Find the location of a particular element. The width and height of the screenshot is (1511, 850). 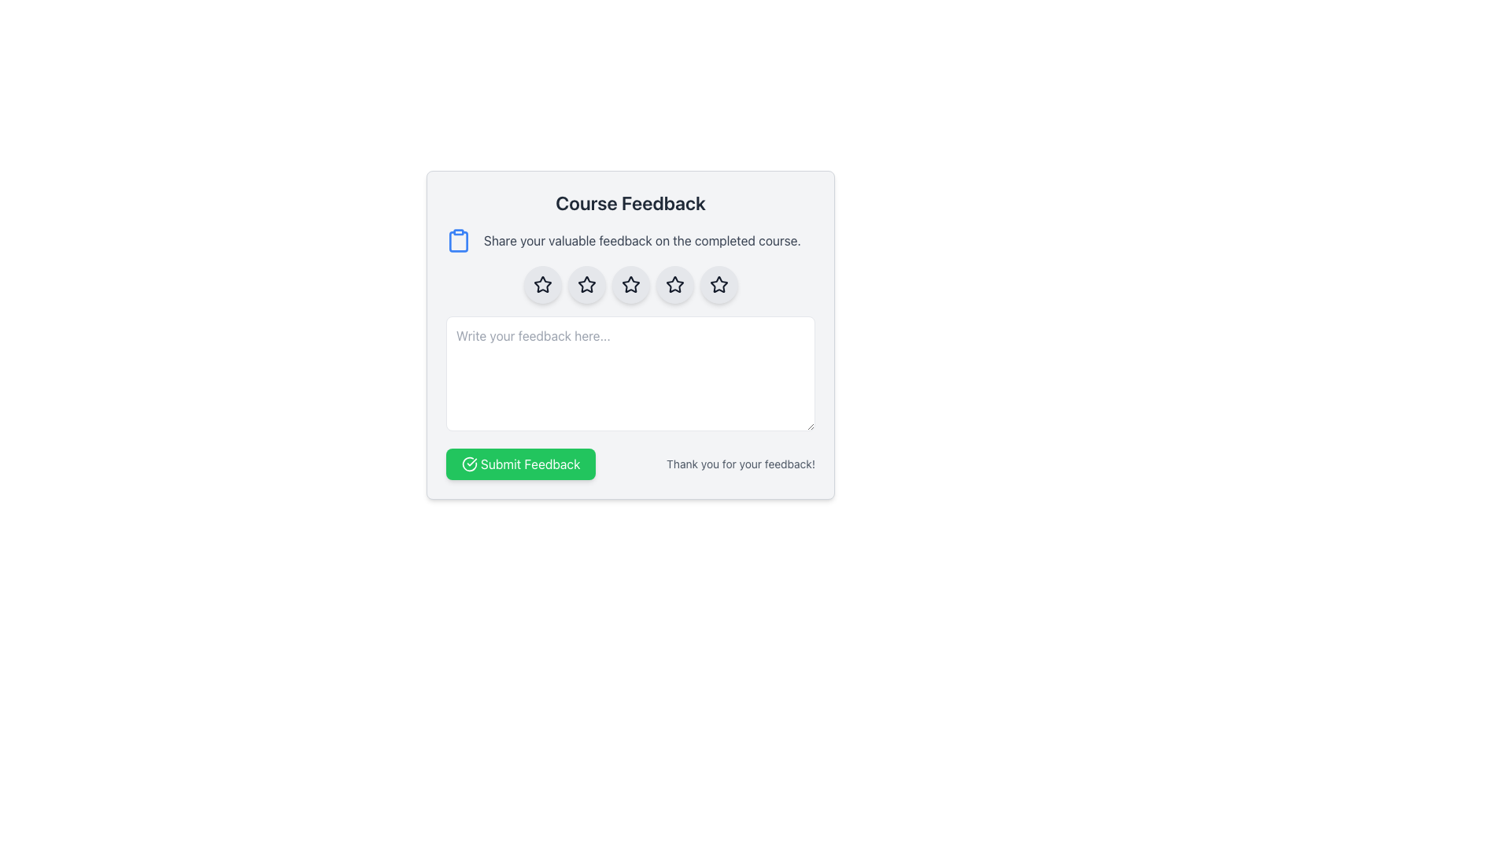

the second star rating button in the five-star feedback system is located at coordinates (542, 285).